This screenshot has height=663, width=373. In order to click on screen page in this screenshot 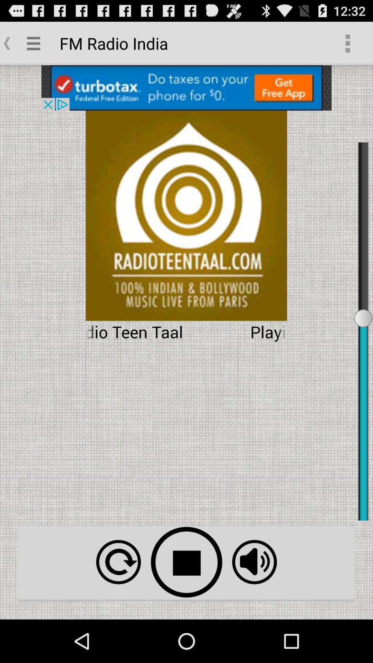, I will do `click(186, 87)`.